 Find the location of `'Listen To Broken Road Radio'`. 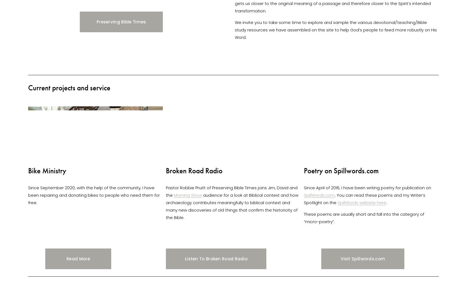

'Listen To Broken Road Radio' is located at coordinates (216, 258).